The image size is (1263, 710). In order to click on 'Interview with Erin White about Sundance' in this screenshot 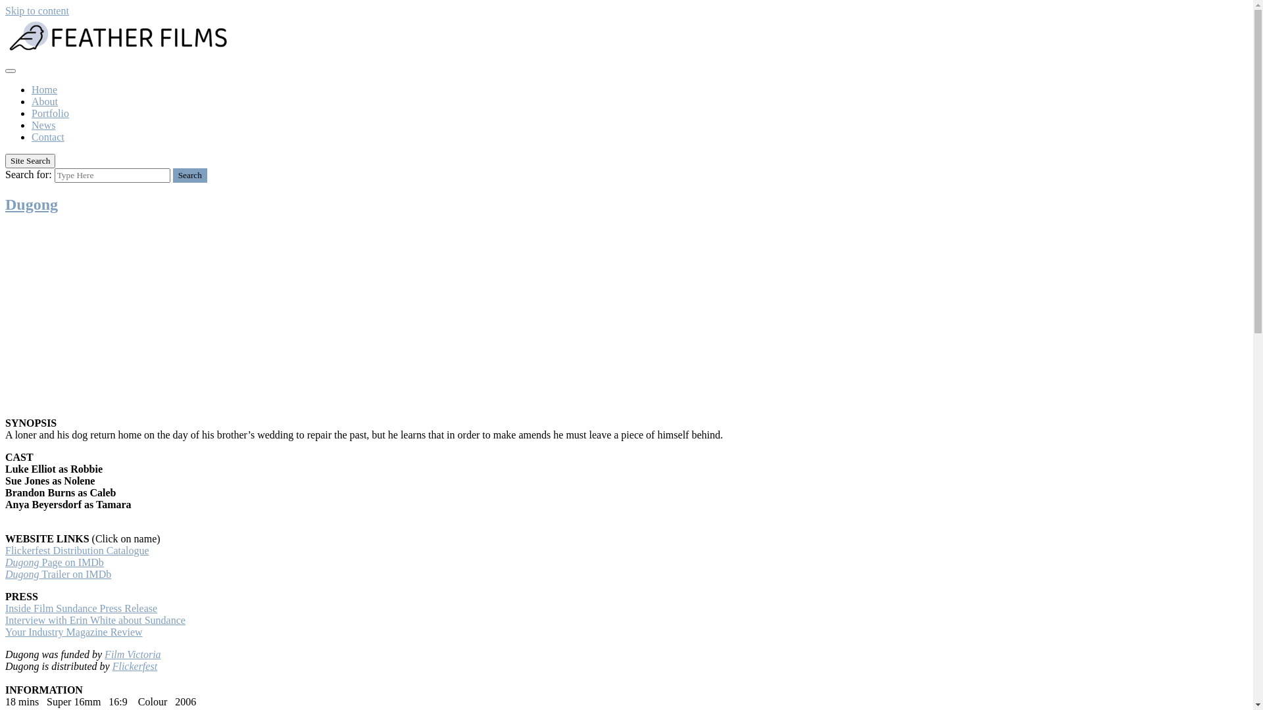, I will do `click(94, 620)`.